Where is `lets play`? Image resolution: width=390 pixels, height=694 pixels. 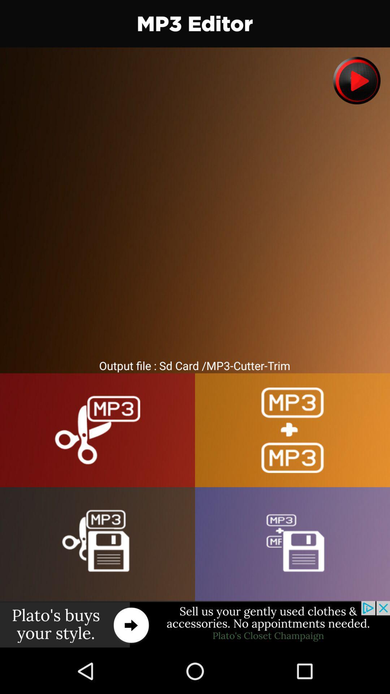
lets play is located at coordinates (356, 81).